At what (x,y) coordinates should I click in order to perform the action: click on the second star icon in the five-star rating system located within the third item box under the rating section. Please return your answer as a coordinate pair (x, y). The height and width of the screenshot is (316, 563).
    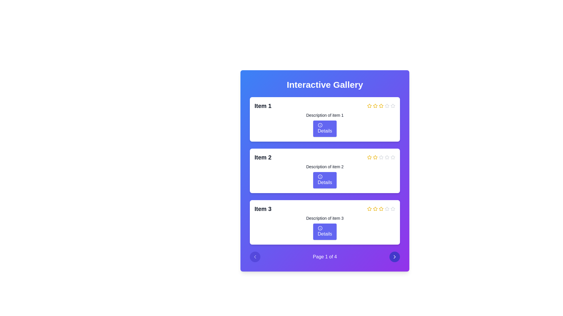
    Looking at the image, I should click on (381, 208).